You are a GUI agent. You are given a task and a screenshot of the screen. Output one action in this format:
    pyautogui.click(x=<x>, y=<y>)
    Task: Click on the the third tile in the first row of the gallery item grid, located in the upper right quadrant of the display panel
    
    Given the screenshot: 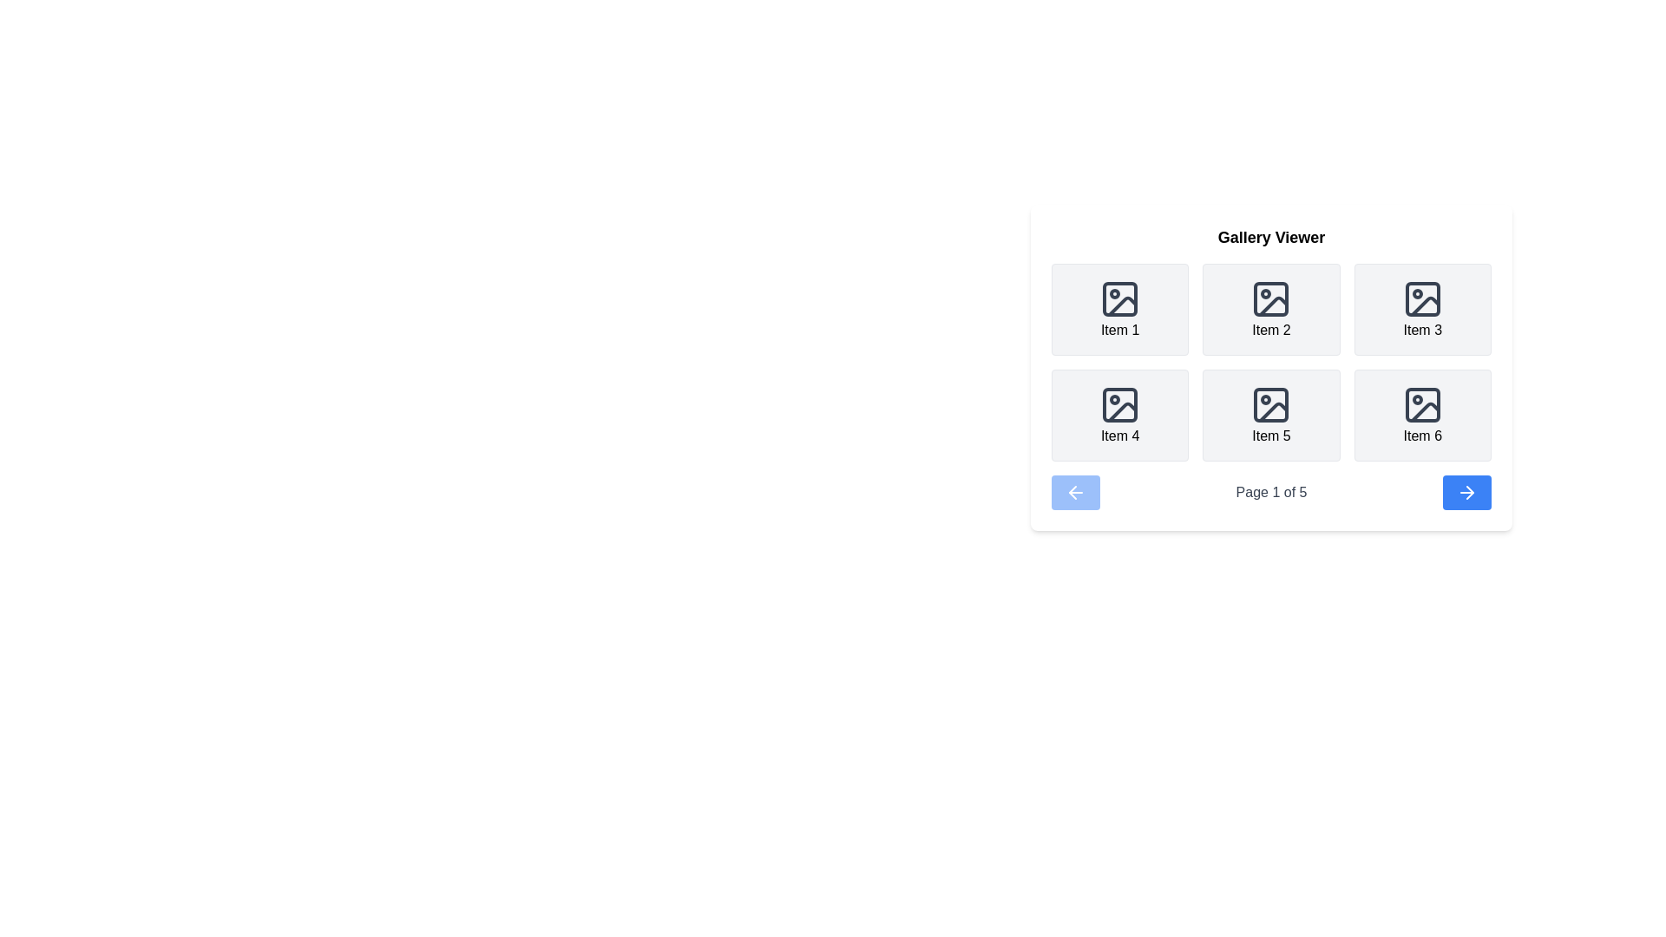 What is the action you would take?
    pyautogui.click(x=1422, y=309)
    